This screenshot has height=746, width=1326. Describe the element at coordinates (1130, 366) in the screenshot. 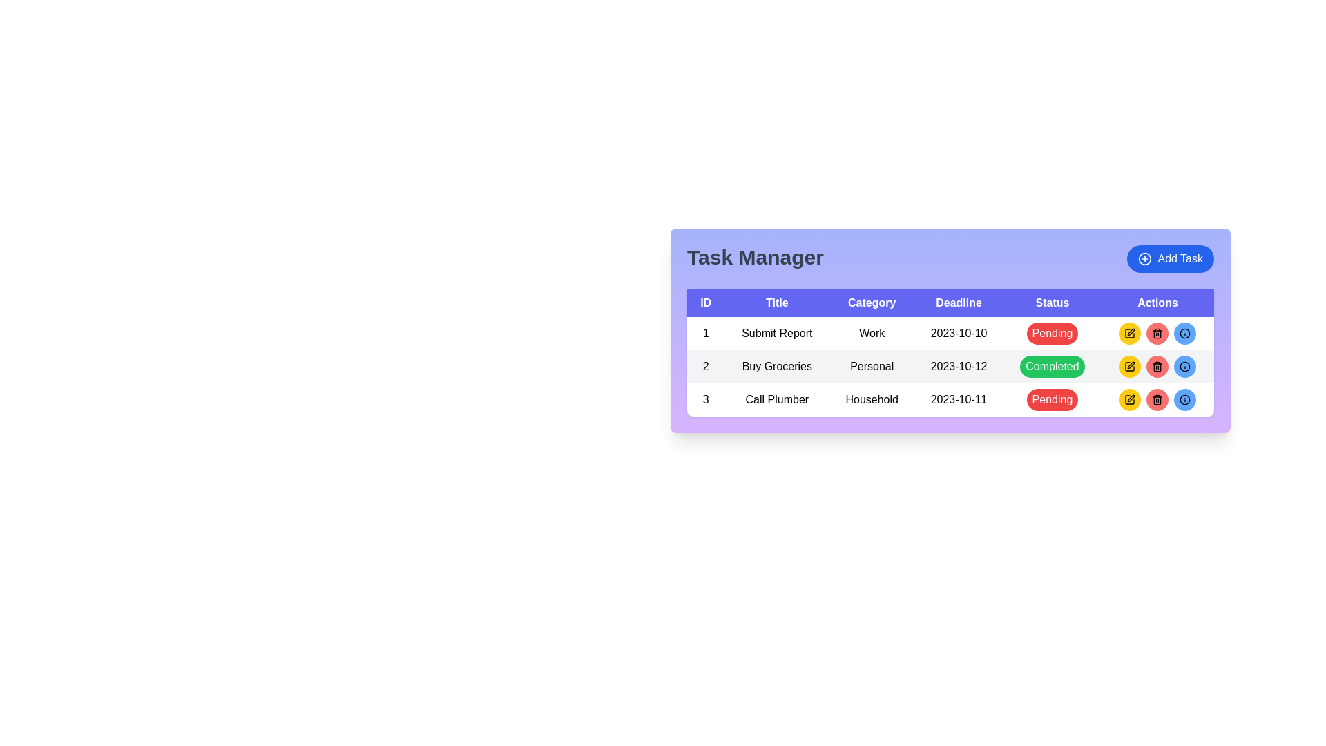

I see `the circular yellow button with a pen icon in the 'Actions' column of the 'Buy Groceries' task` at that location.